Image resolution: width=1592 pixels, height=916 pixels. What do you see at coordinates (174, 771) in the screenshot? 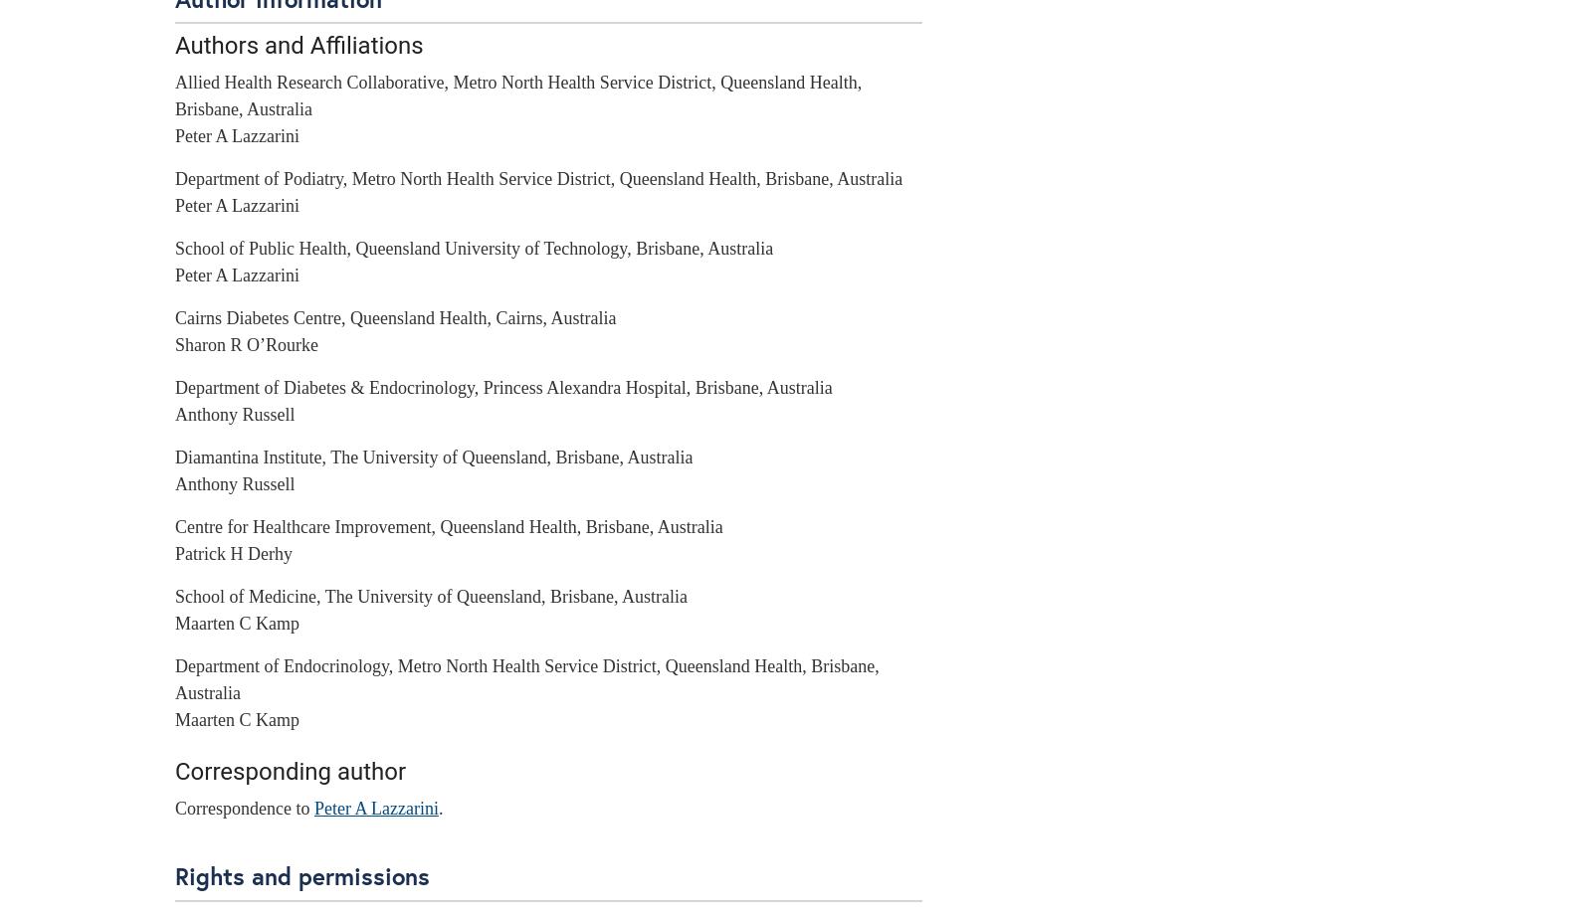
I see `'Corresponding author'` at bounding box center [174, 771].